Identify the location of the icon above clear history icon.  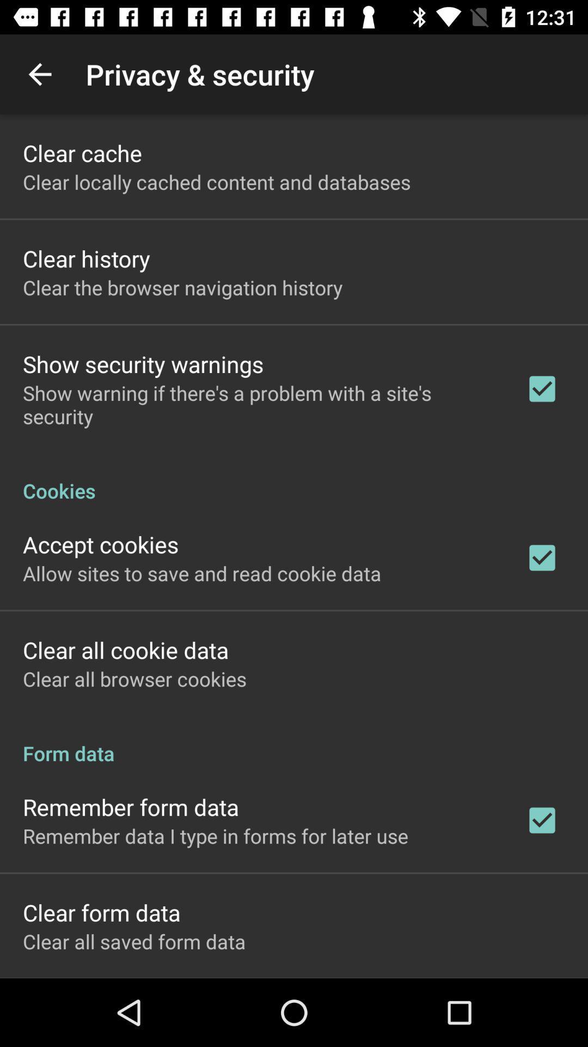
(217, 182).